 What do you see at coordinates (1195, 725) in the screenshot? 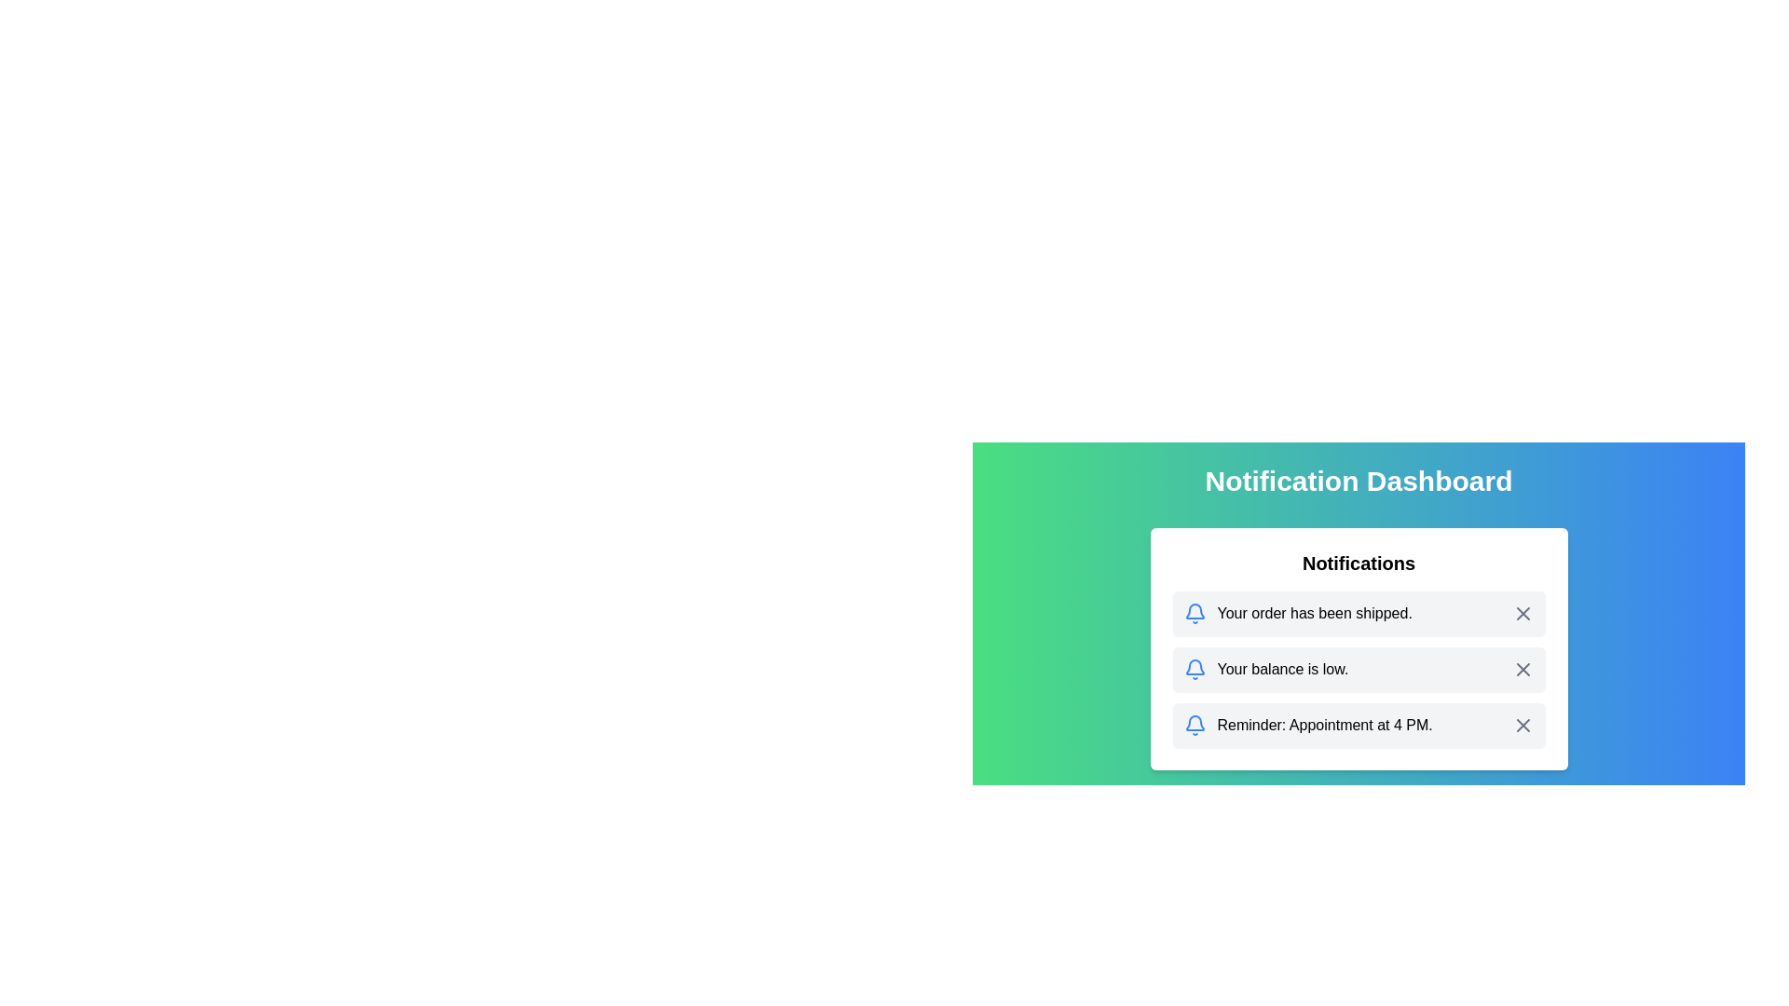
I see `the notification icon located on the far left next to the text 'Reminder: Appointment at 4 PM'` at bounding box center [1195, 725].